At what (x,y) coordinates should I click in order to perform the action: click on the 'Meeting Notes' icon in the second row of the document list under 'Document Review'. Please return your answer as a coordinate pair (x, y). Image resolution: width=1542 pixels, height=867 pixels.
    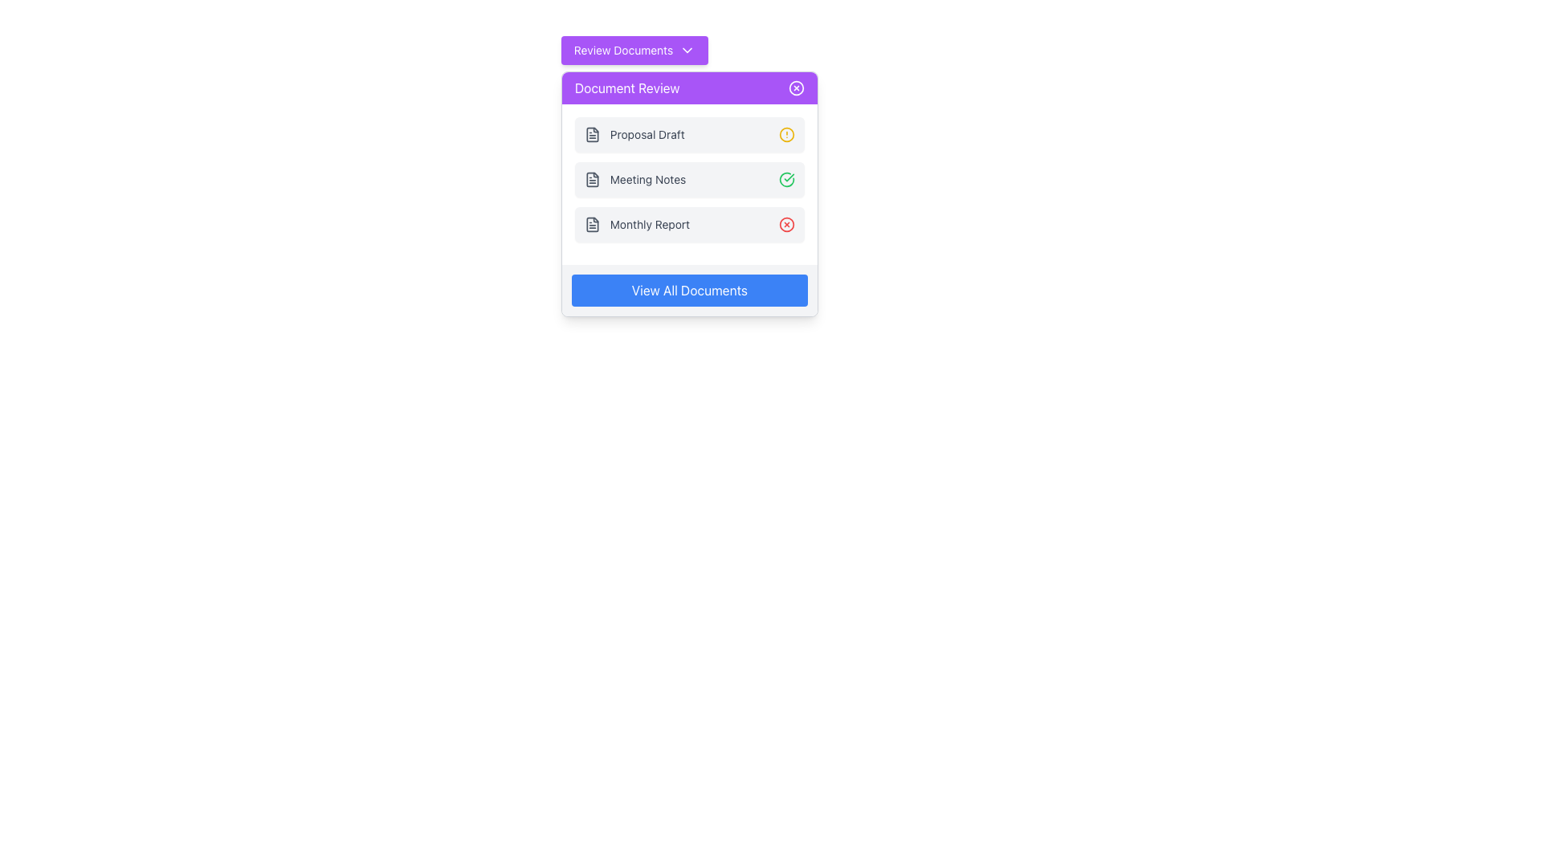
    Looking at the image, I should click on (591, 179).